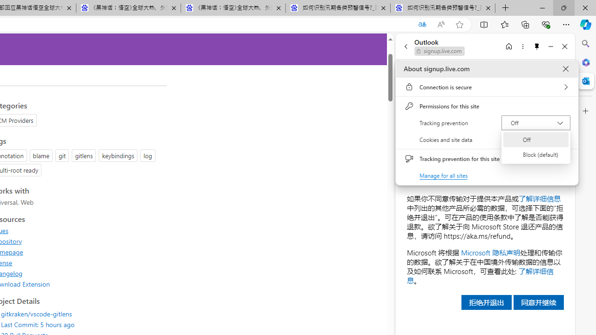 The image size is (596, 335). Describe the element at coordinates (487, 87) in the screenshot. I see `'Connection is secure'` at that location.